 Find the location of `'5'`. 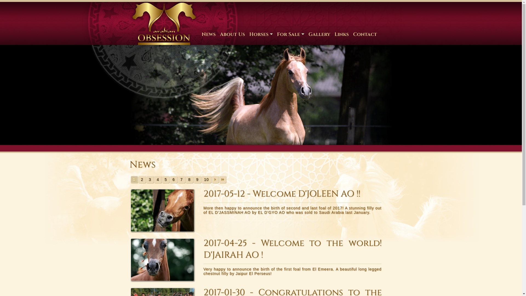

'5' is located at coordinates (165, 180).